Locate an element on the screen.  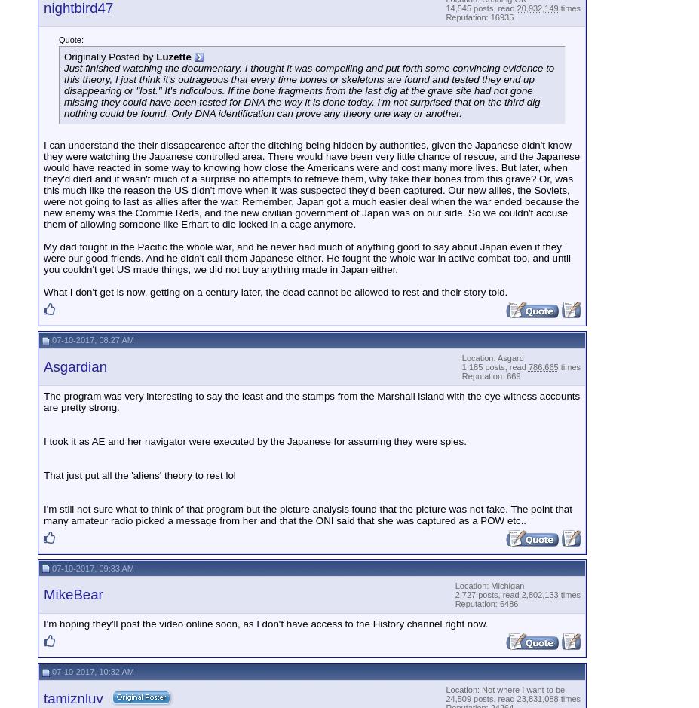
'What I don't get is now, getting on a century later, the dead cannot be allowed to rest and their story told.' is located at coordinates (274, 291).